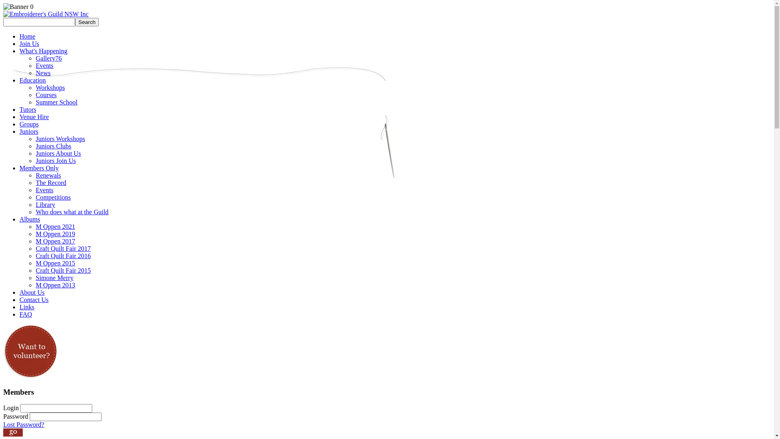  I want to click on 'Events', so click(44, 190).